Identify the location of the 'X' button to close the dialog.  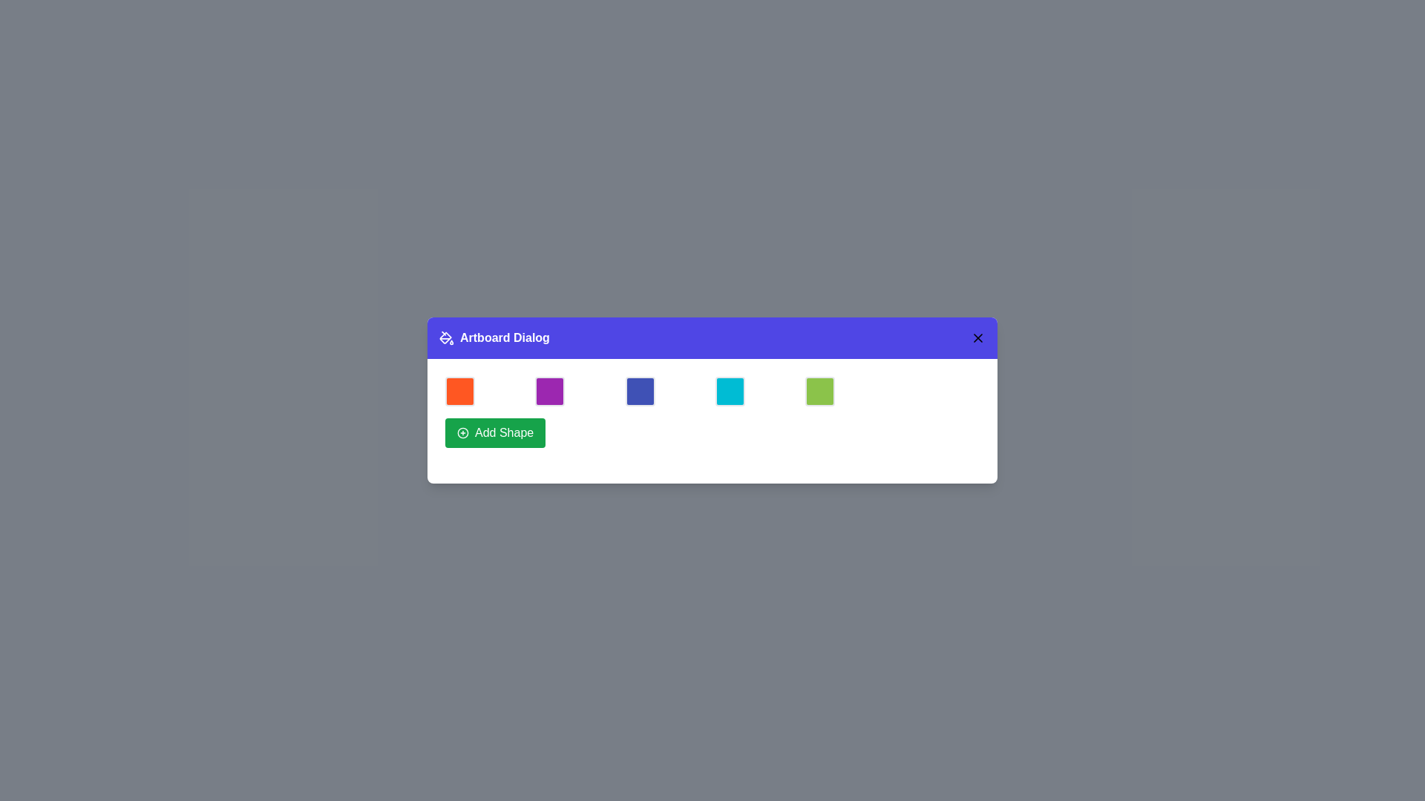
(978, 337).